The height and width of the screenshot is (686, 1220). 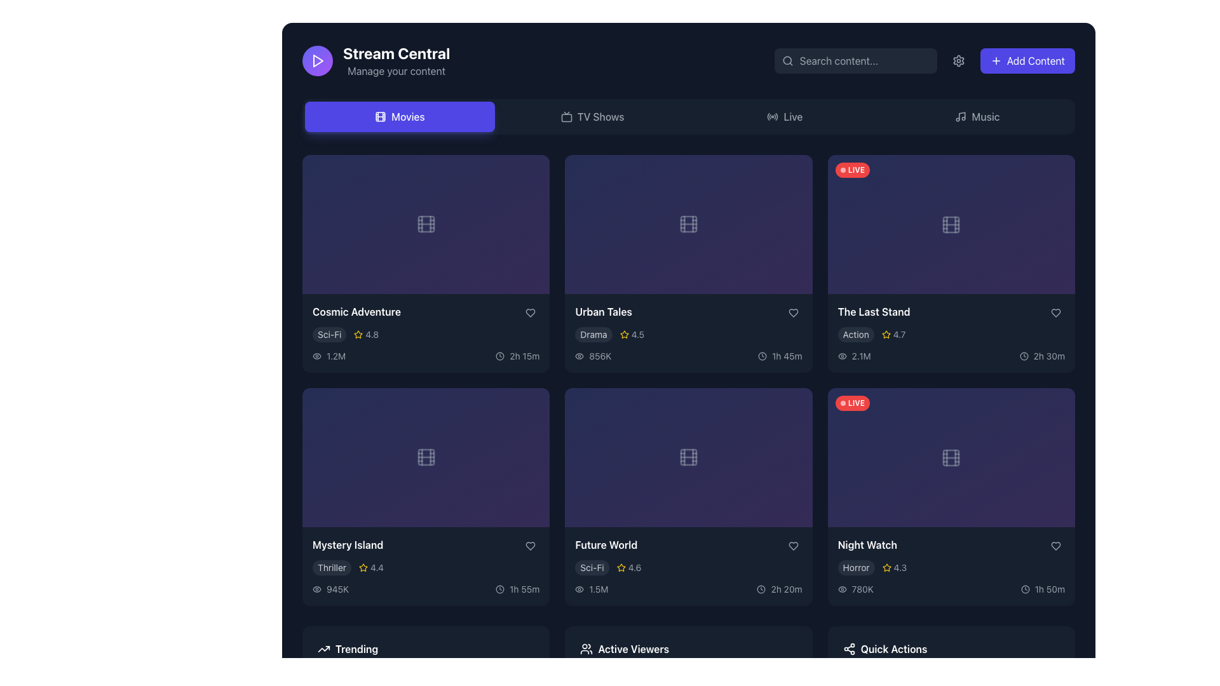 What do you see at coordinates (317, 588) in the screenshot?
I see `the eye icon representing the view count for the 'Mystery Island' content` at bounding box center [317, 588].